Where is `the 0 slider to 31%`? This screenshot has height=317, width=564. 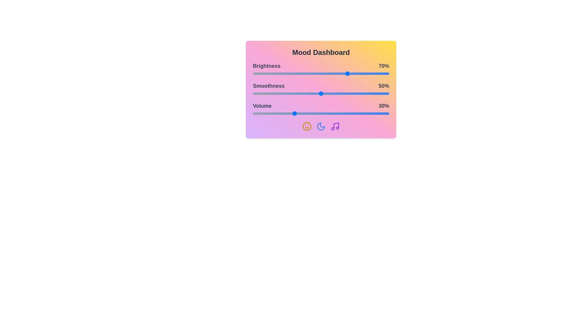
the 0 slider to 31% is located at coordinates (295, 73).